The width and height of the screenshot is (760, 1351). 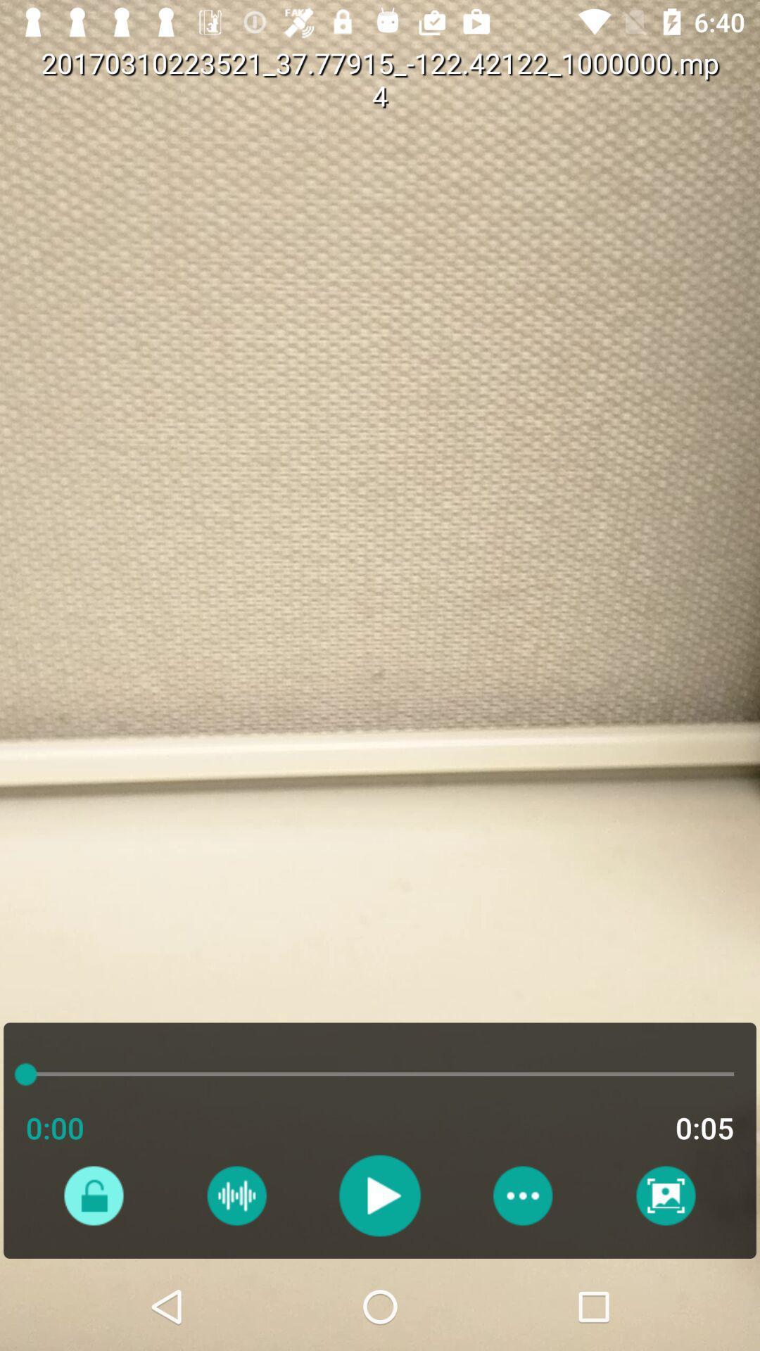 What do you see at coordinates (379, 1195) in the screenshot?
I see `video` at bounding box center [379, 1195].